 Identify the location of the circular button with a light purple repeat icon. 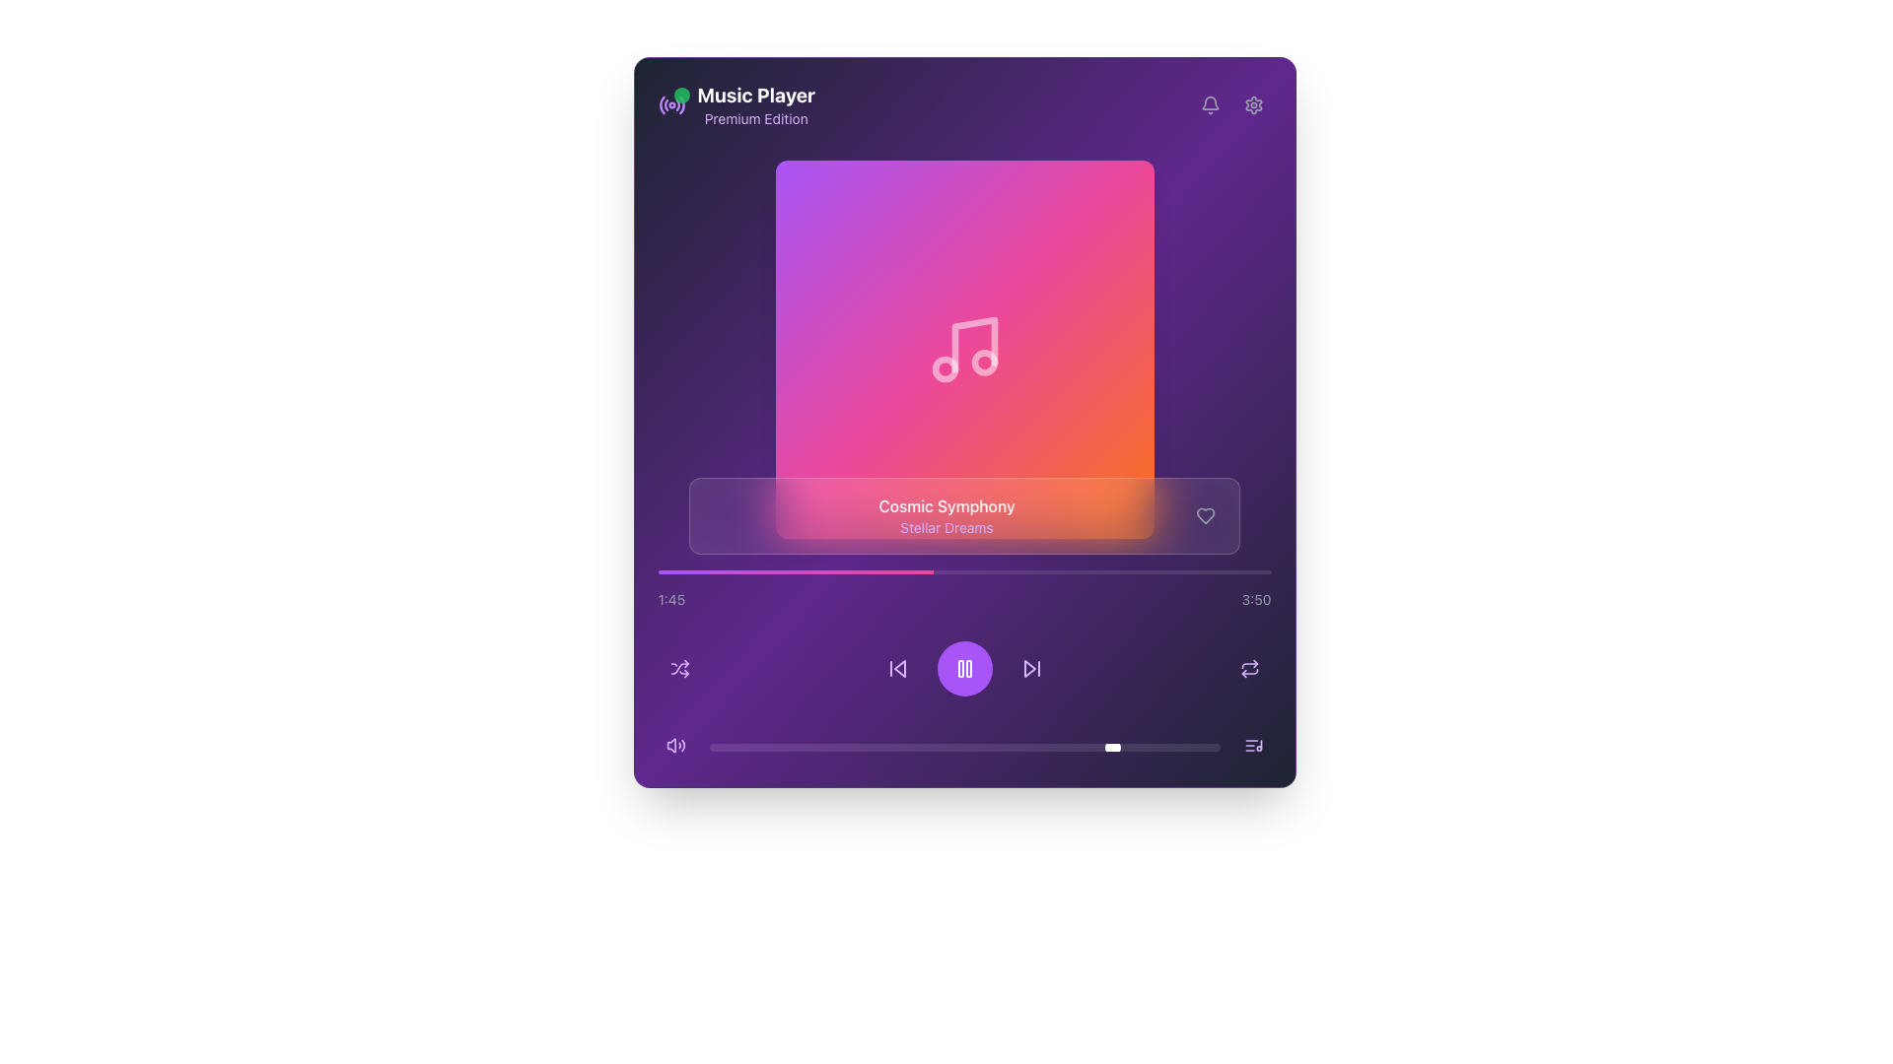
(1248, 667).